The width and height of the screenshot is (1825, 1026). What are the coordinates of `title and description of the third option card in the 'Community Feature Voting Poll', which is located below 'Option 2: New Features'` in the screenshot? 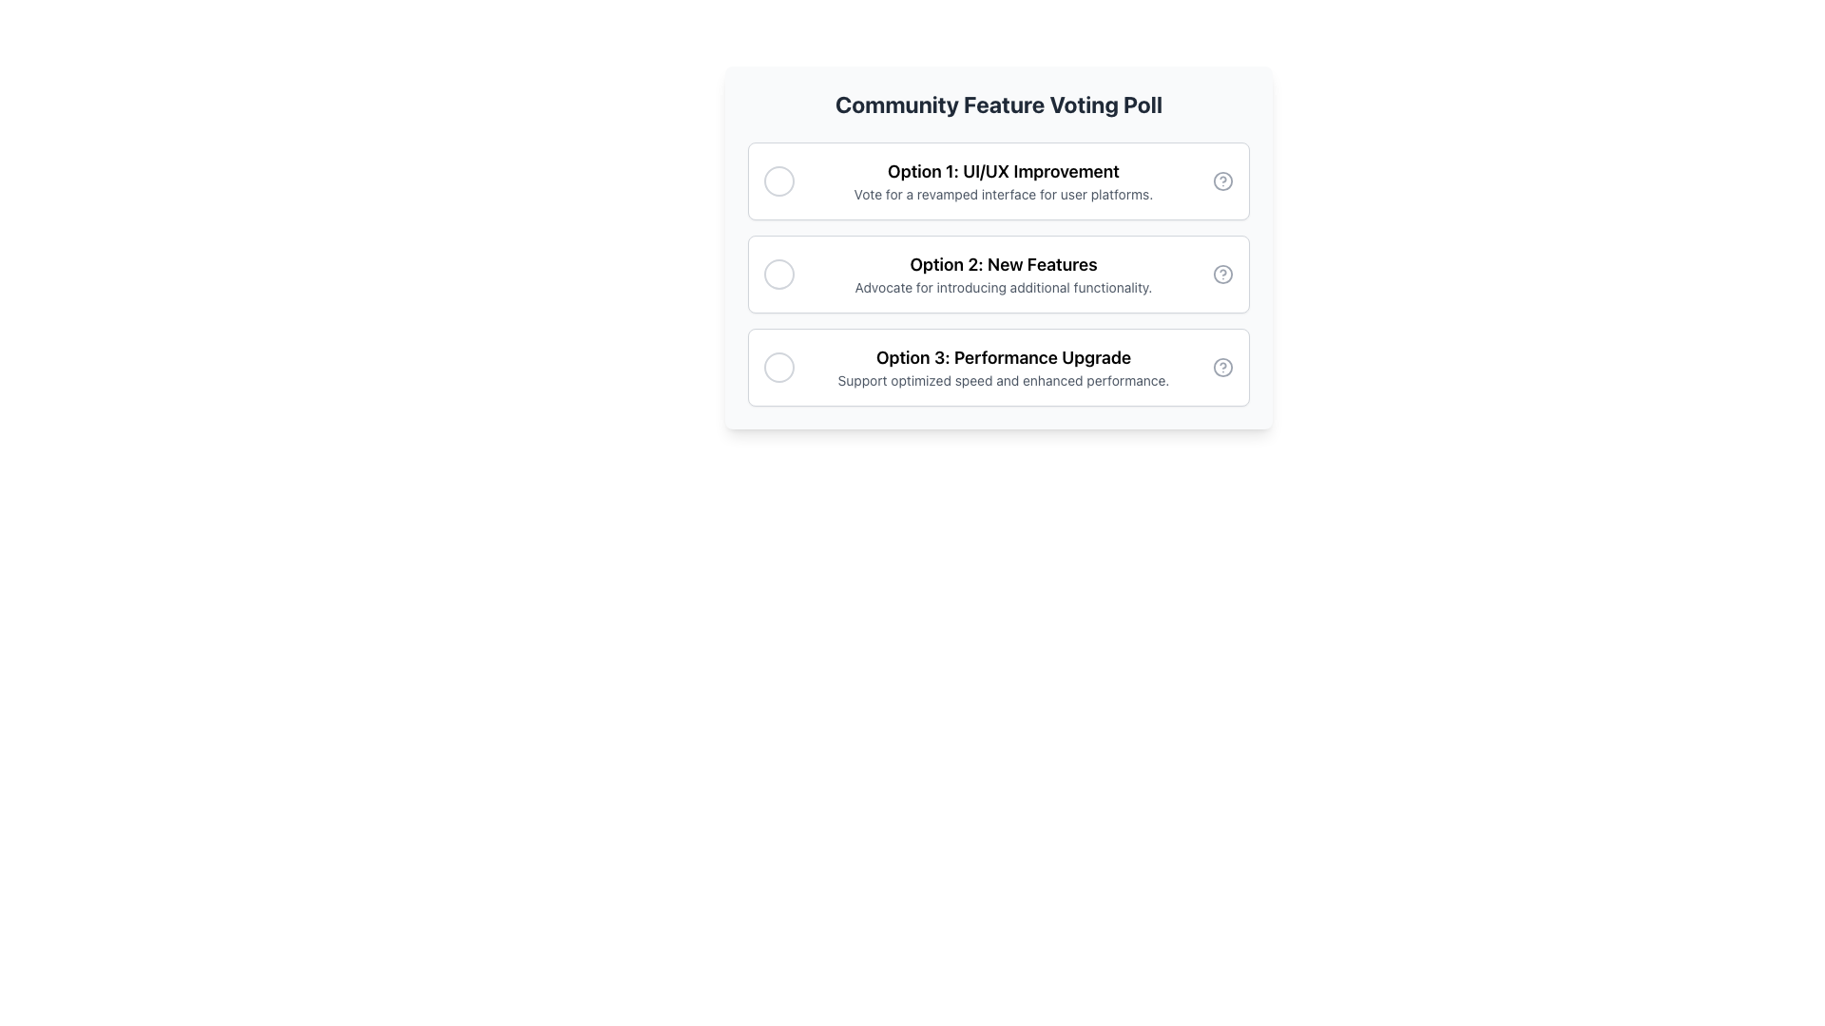 It's located at (998, 367).